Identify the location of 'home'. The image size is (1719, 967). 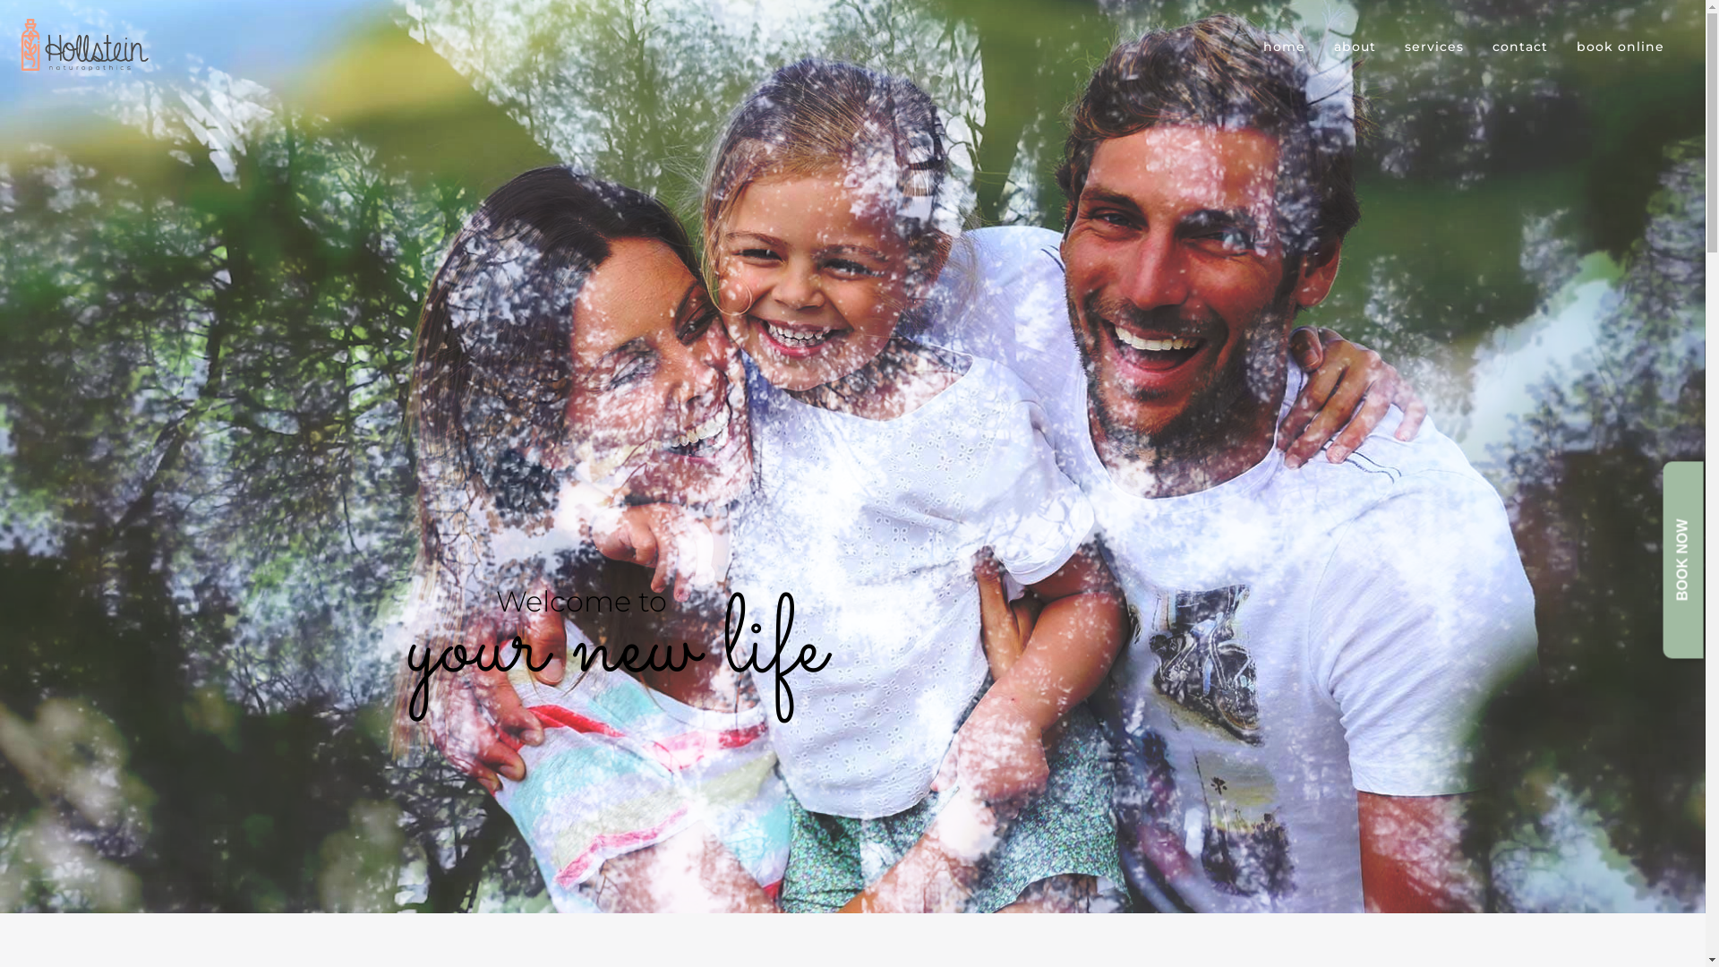
(1248, 44).